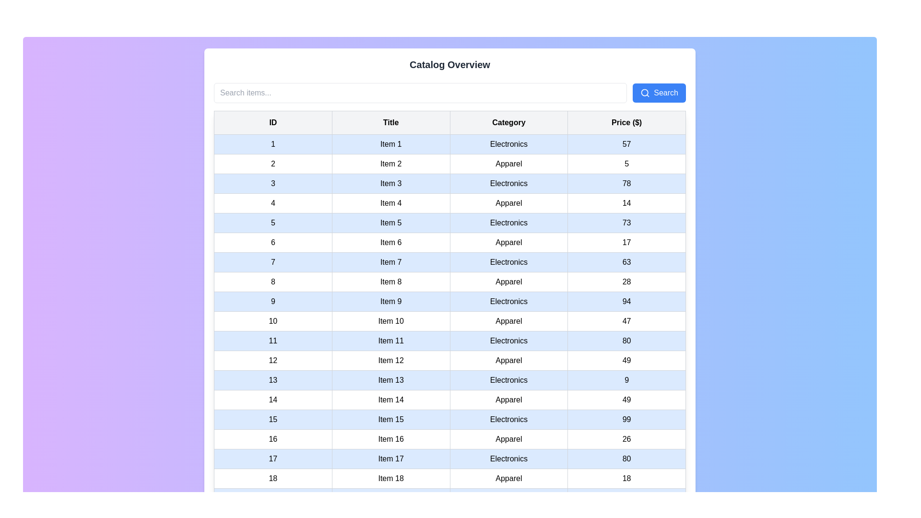 This screenshot has height=518, width=921. What do you see at coordinates (508, 321) in the screenshot?
I see `the text label displaying 'Apparel' located in the 'Category' column, specifically in the row labeled 'Item 10', which is styled with padding, a light gray border, and a white background` at bounding box center [508, 321].